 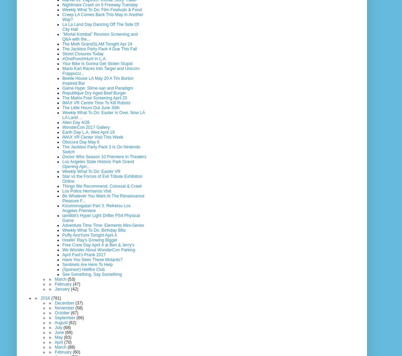 I want to click on '(60)', so click(x=76, y=351).